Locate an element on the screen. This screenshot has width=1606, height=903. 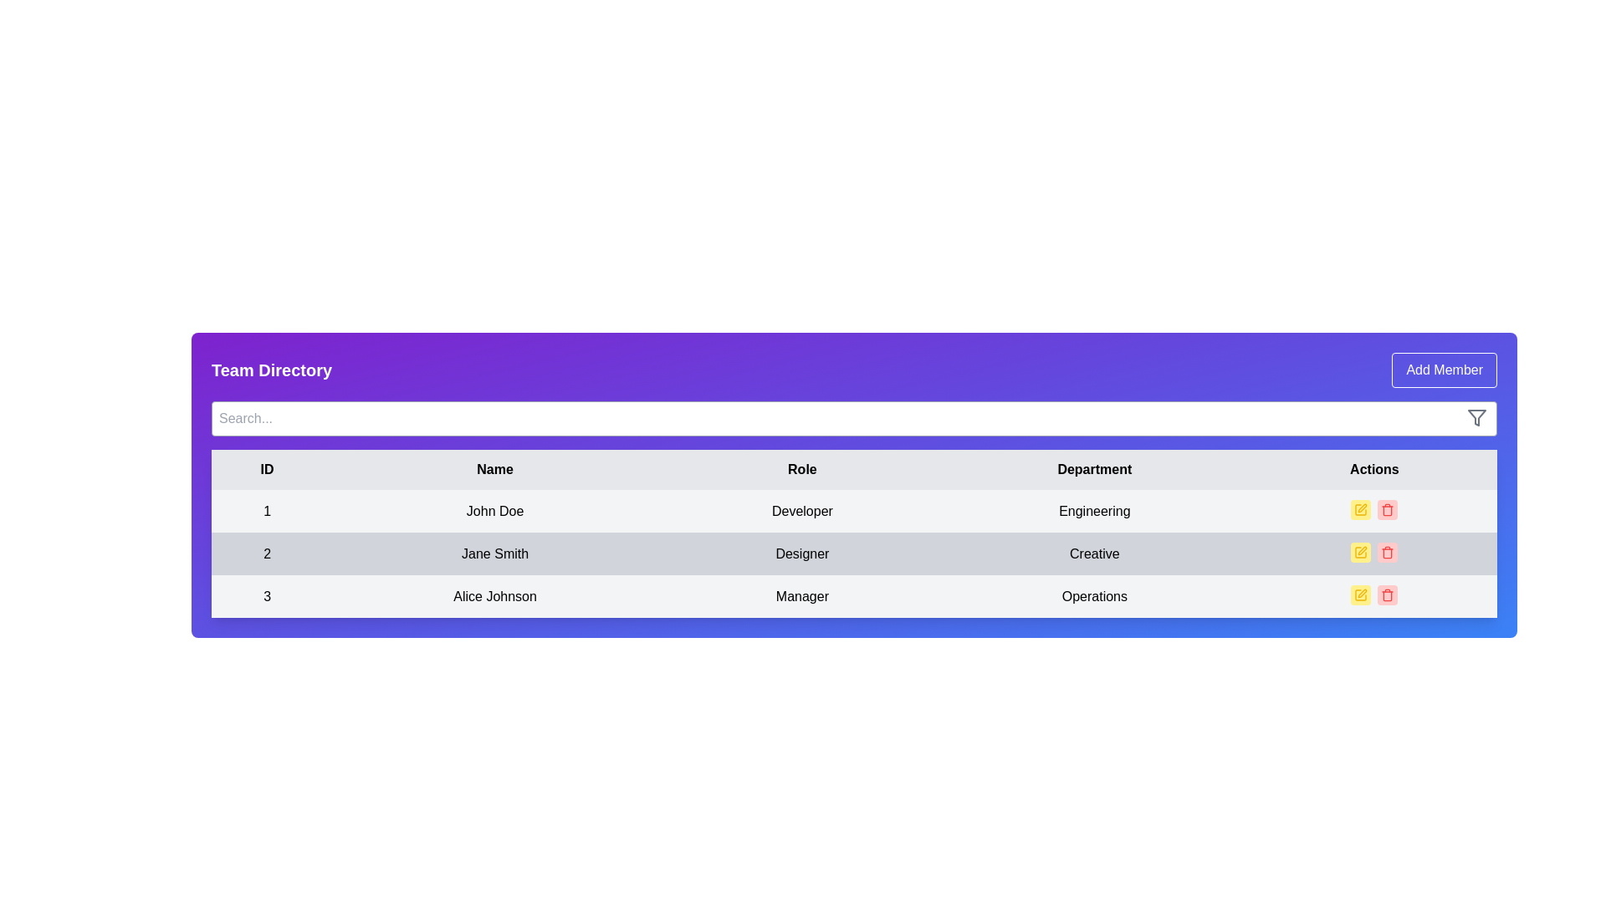
the yellow pencil icon in the Actions column of the last row for user 'Alice Johnson' who is a Manager in the Operations department is located at coordinates (1374, 595).